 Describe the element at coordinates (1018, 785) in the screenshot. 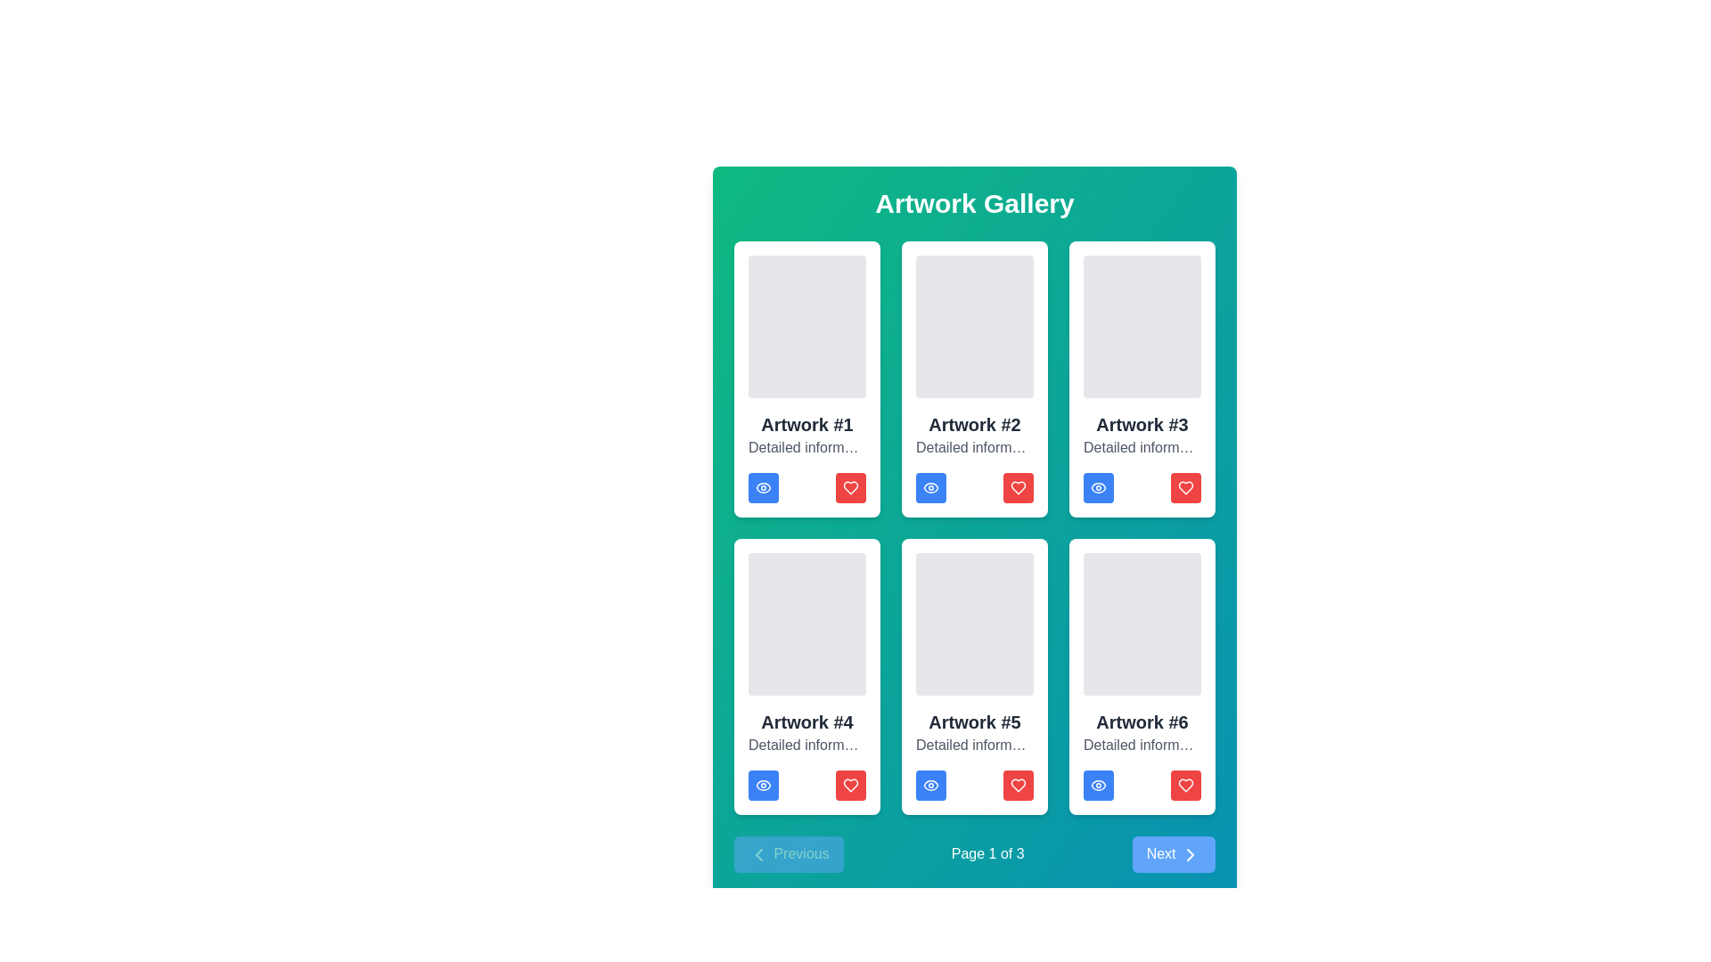

I see `the 'like' or 'favorite' button located in the bottom-right corner of the card labeled 'Artwork #5' to invoke the action` at that location.